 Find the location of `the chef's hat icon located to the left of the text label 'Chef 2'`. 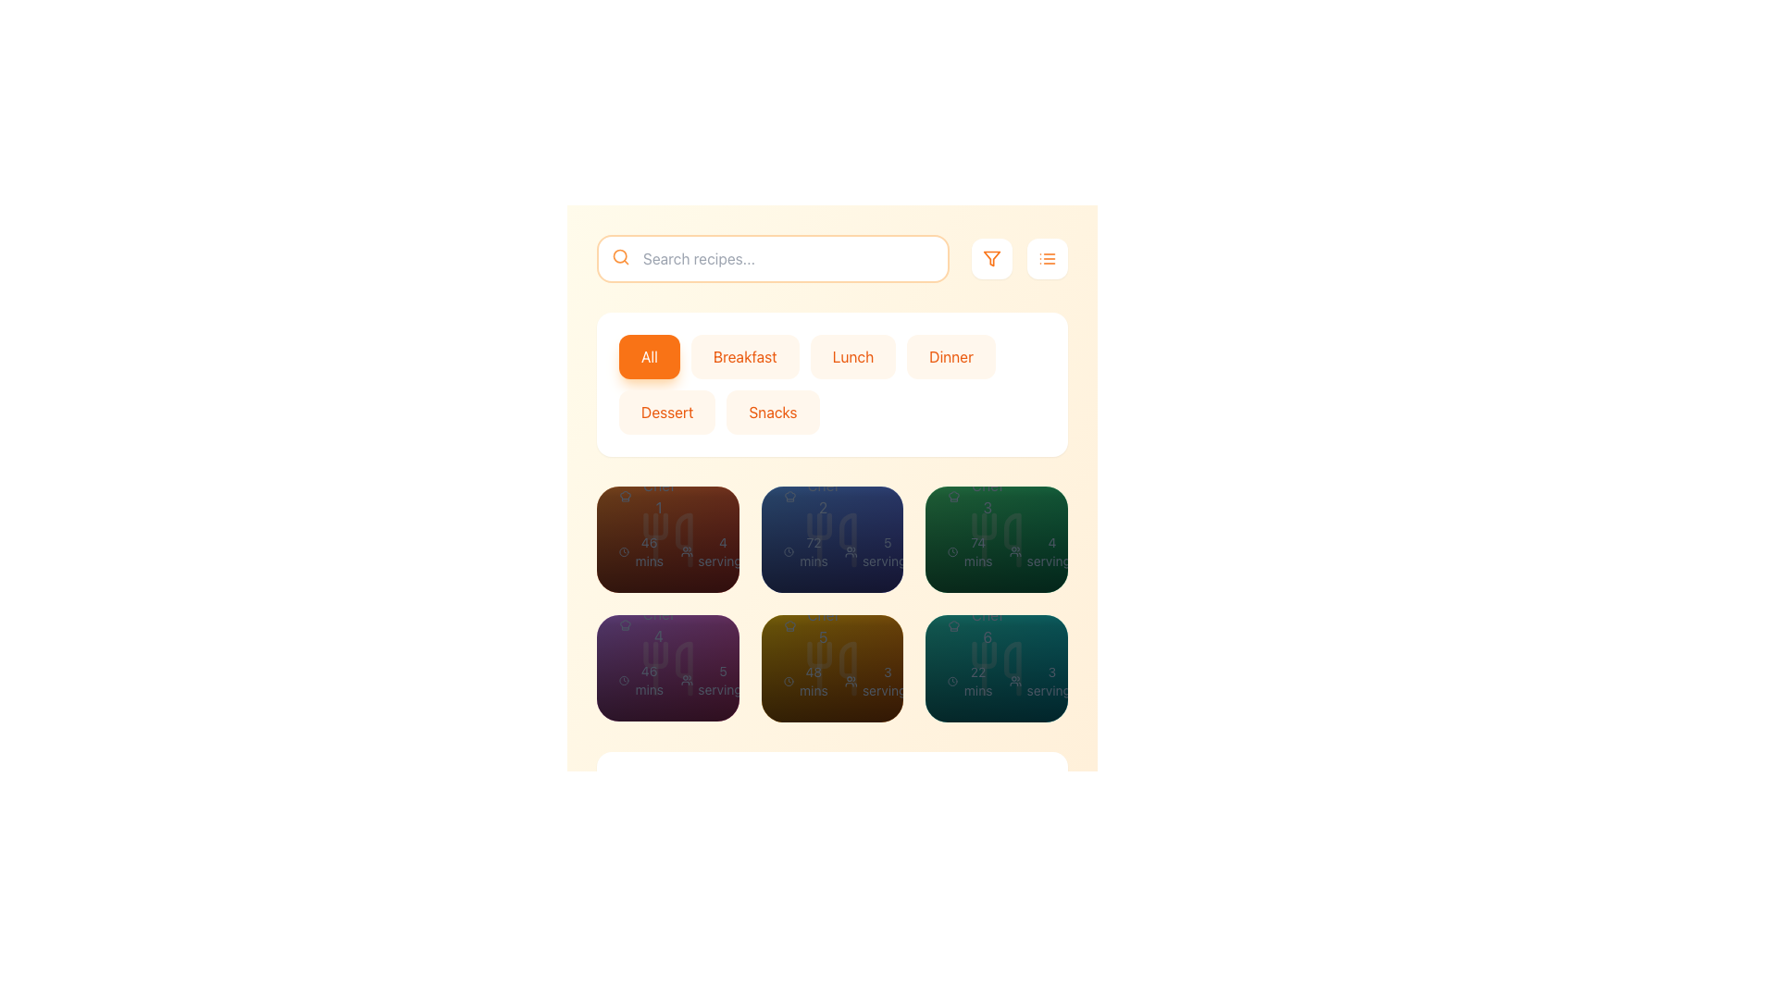

the chef's hat icon located to the left of the text label 'Chef 2' is located at coordinates (789, 496).